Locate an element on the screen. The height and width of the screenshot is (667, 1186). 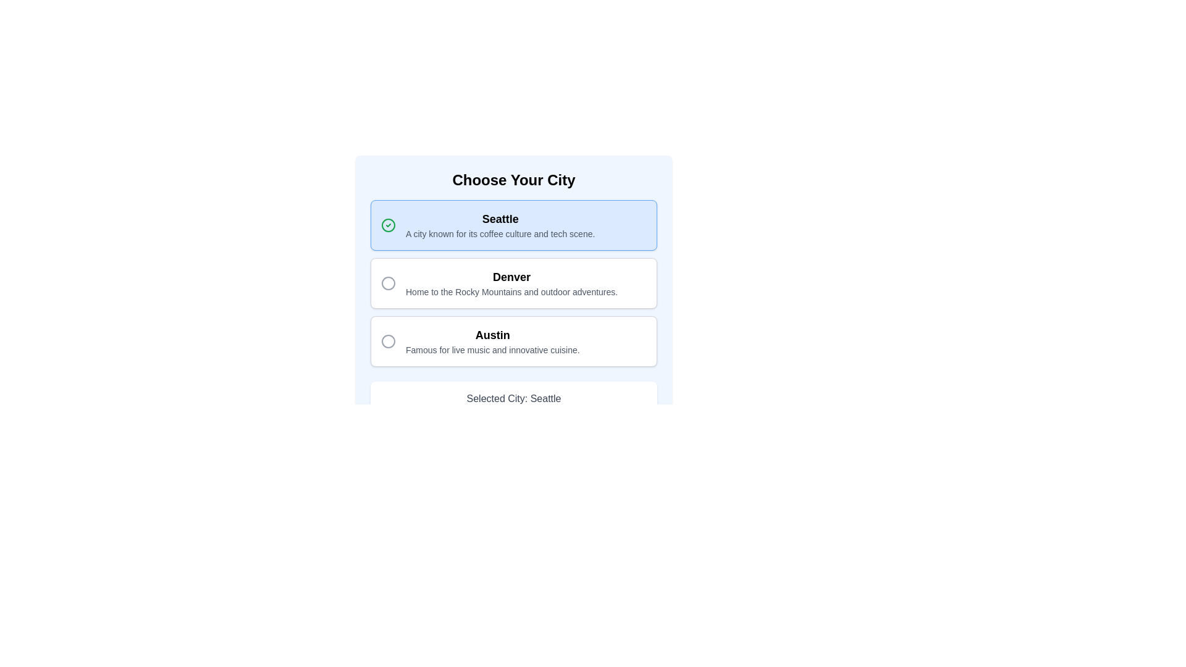
the circular radio button located within the 'Denver' selection option, which is positioned below 'Seattle' and above 'Austin' is located at coordinates (387, 283).